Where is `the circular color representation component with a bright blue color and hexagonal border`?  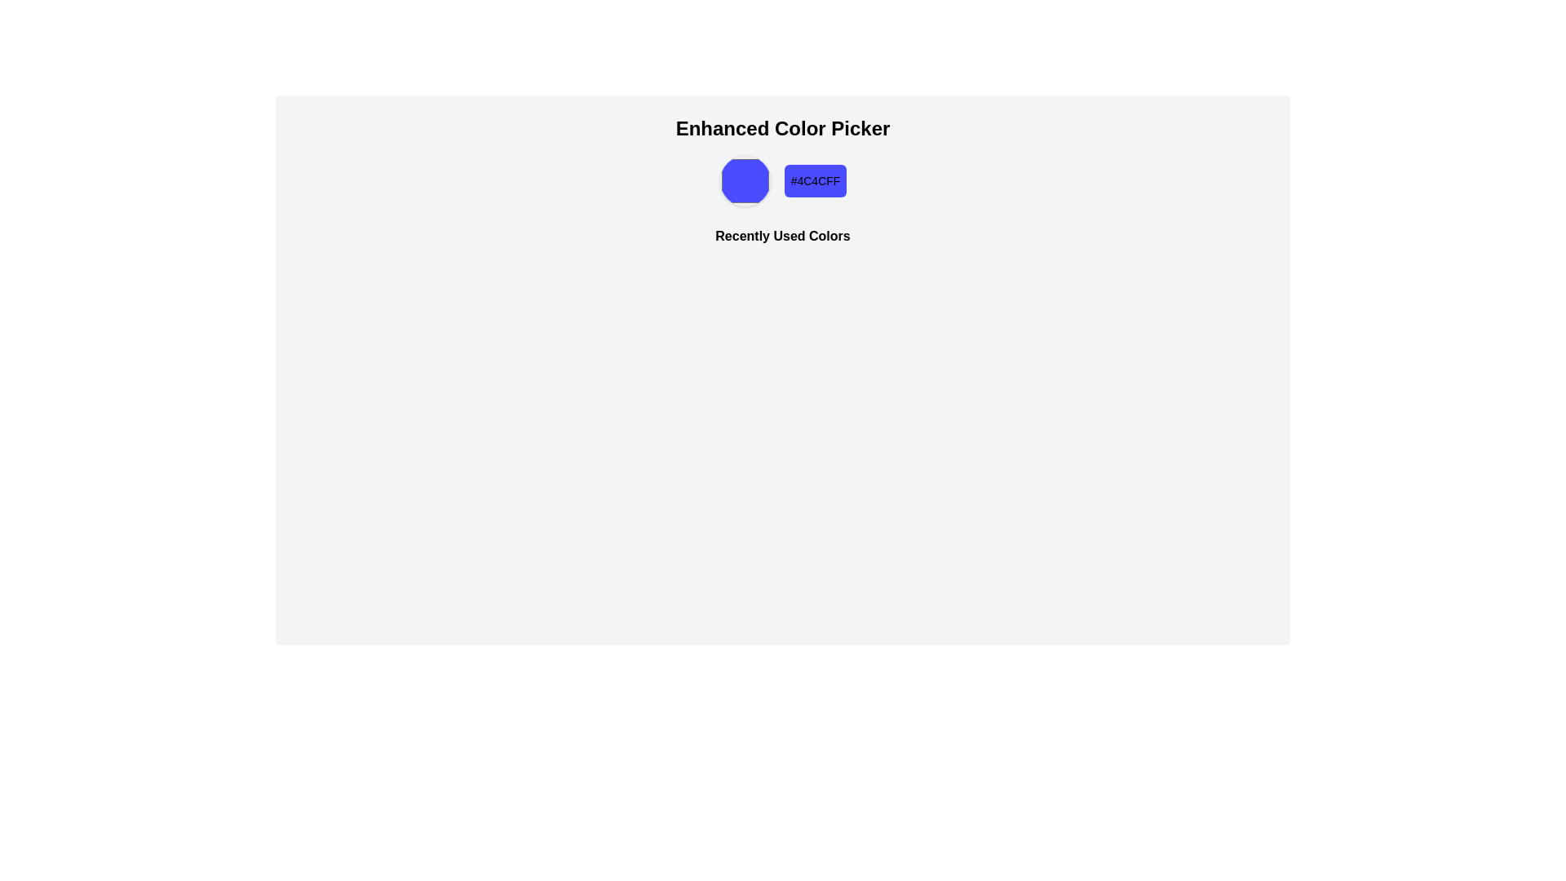
the circular color representation component with a bright blue color and hexagonal border is located at coordinates (744, 181).